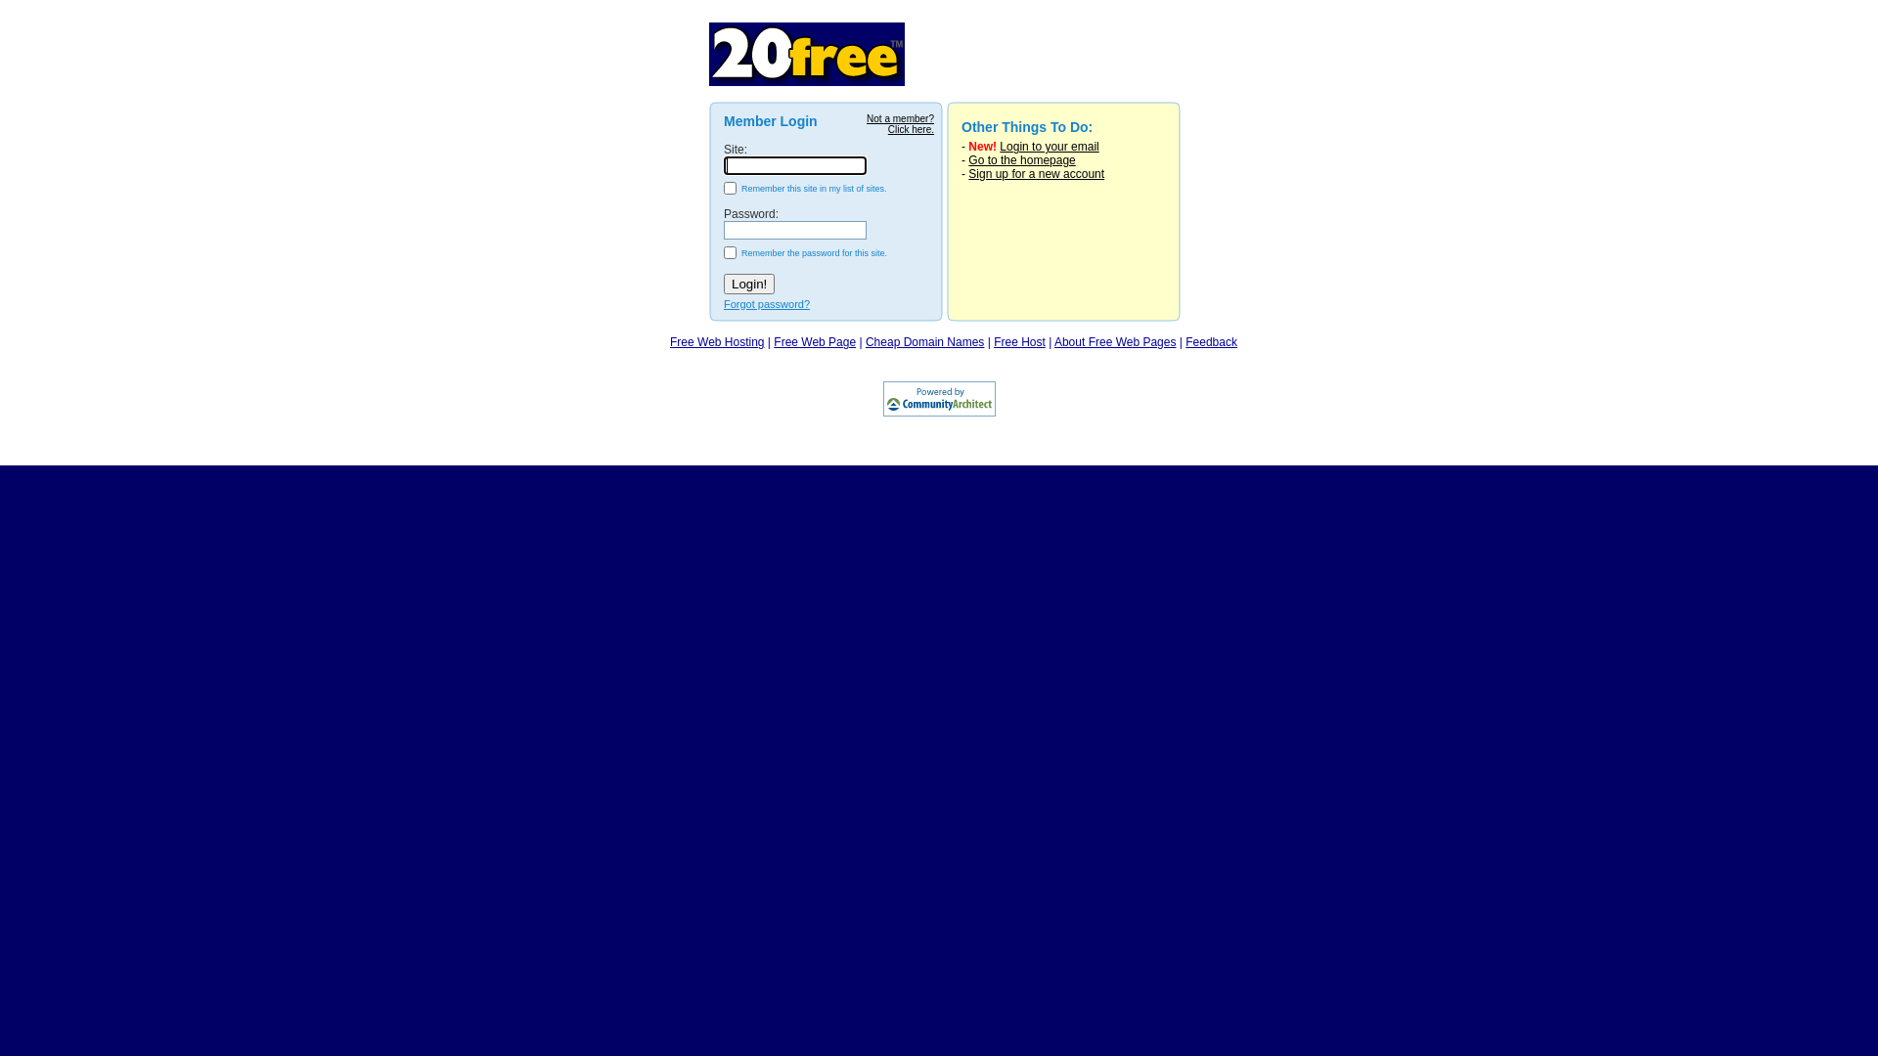  I want to click on 'Sign up for a new account', so click(1035, 172).